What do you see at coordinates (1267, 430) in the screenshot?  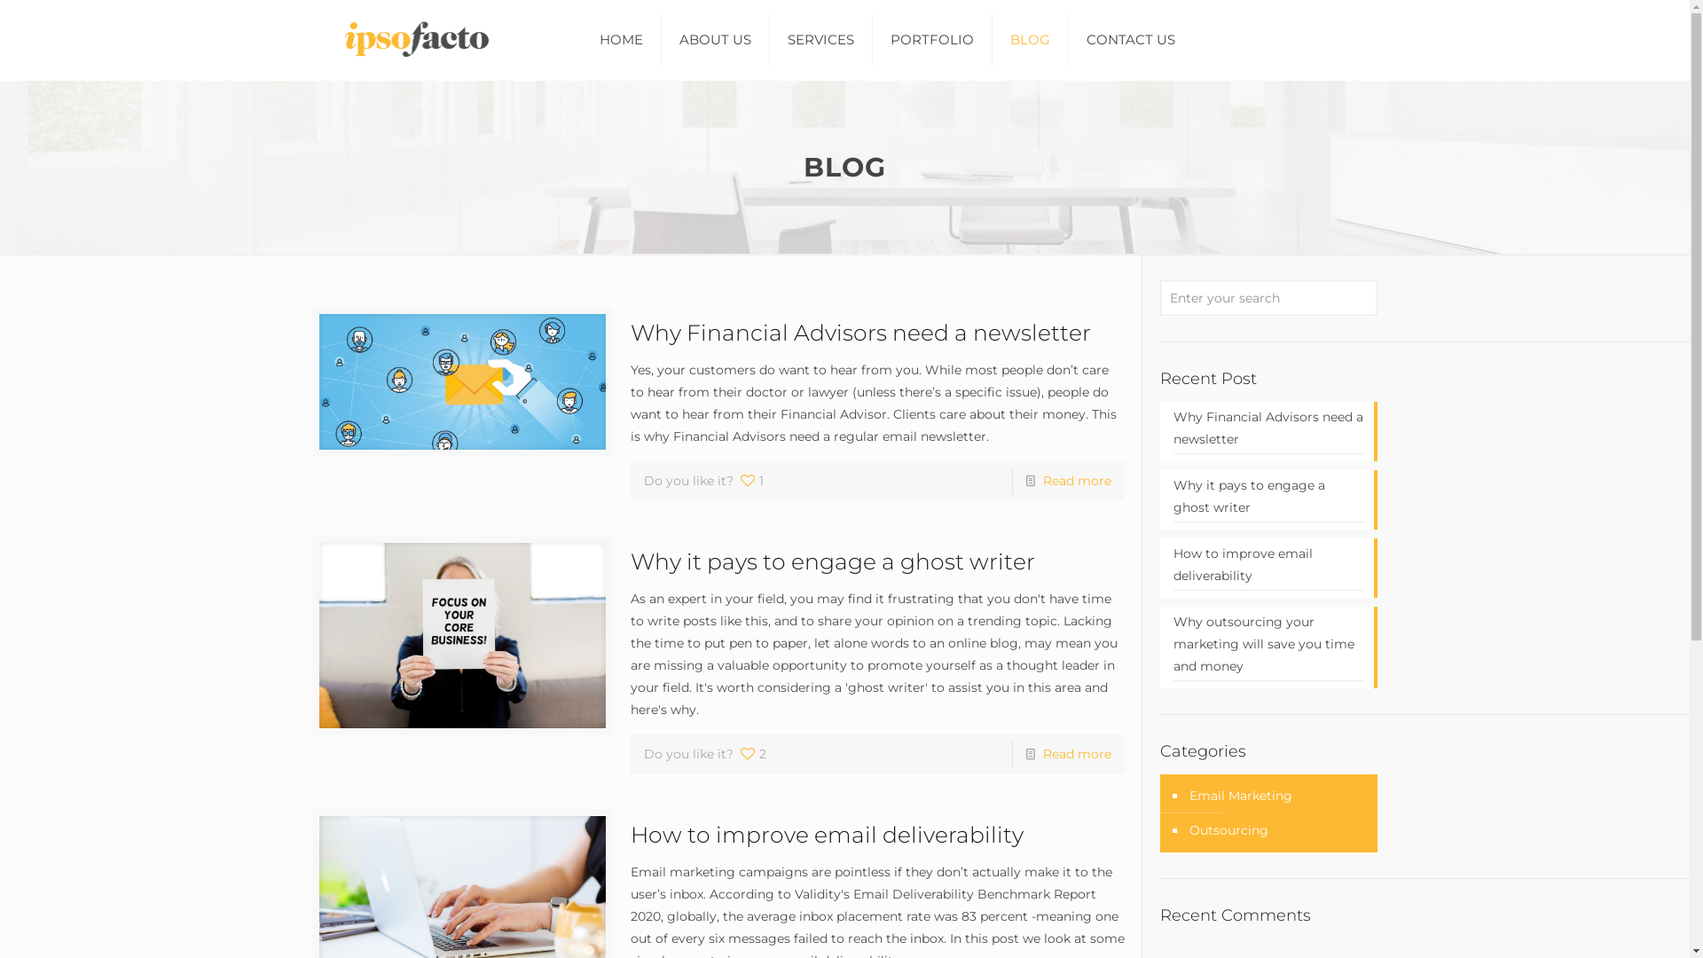 I see `'Why Financial Advisors need a newsletter'` at bounding box center [1267, 430].